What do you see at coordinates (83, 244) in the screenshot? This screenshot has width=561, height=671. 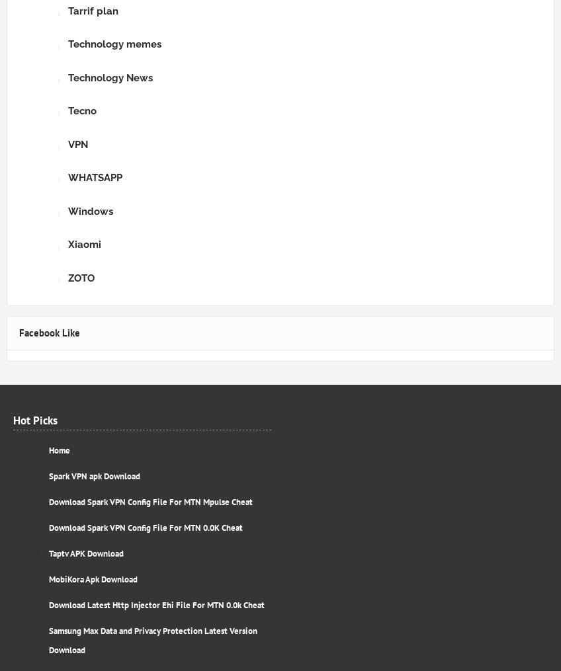 I see `'Xiaomi'` at bounding box center [83, 244].